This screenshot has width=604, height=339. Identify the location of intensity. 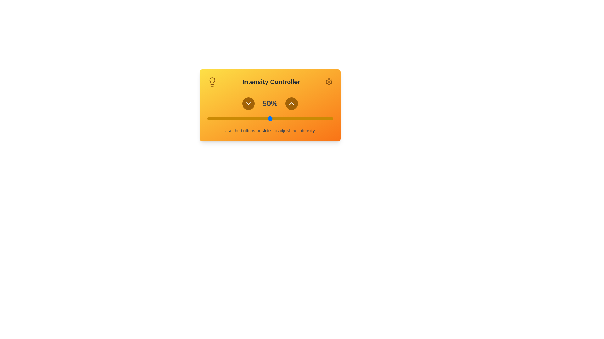
(267, 119).